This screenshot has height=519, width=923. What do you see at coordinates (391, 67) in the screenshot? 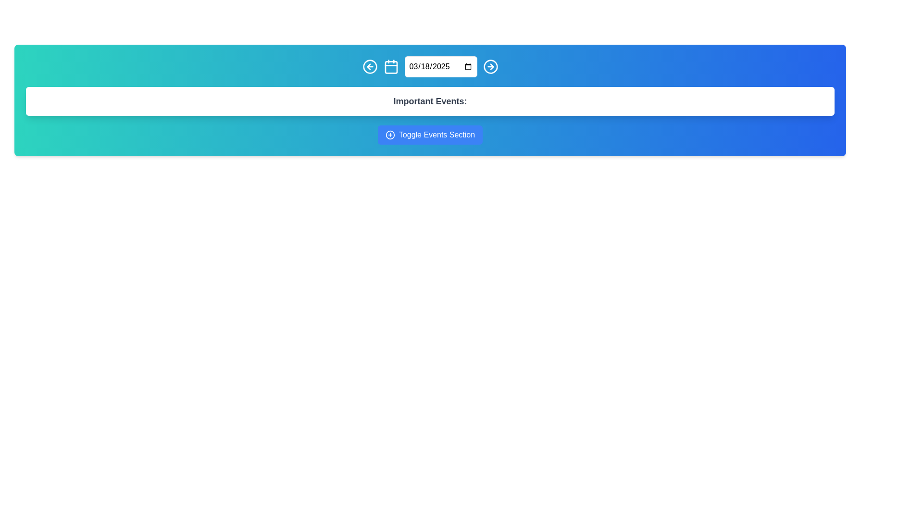
I see `the small, square calendar icon with a vibrant blue background` at bounding box center [391, 67].